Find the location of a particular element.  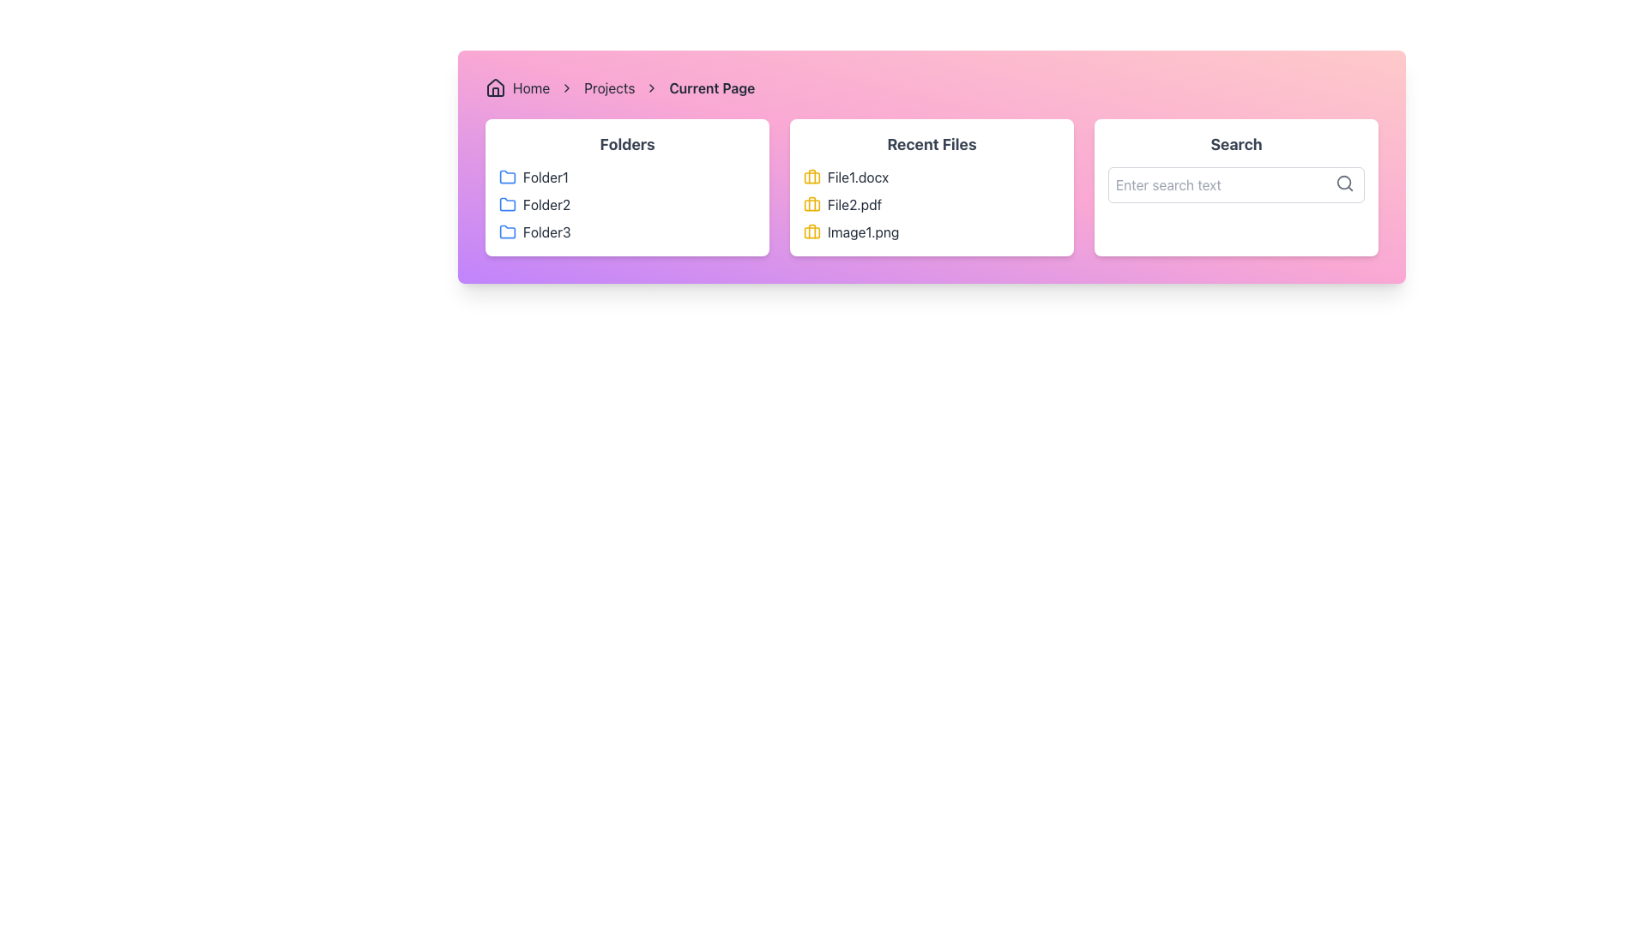

the magnifying glass icon located at the top-right portion of the text input field in the 'Search' section to indicate its function for initiating a search is located at coordinates (1344, 183).